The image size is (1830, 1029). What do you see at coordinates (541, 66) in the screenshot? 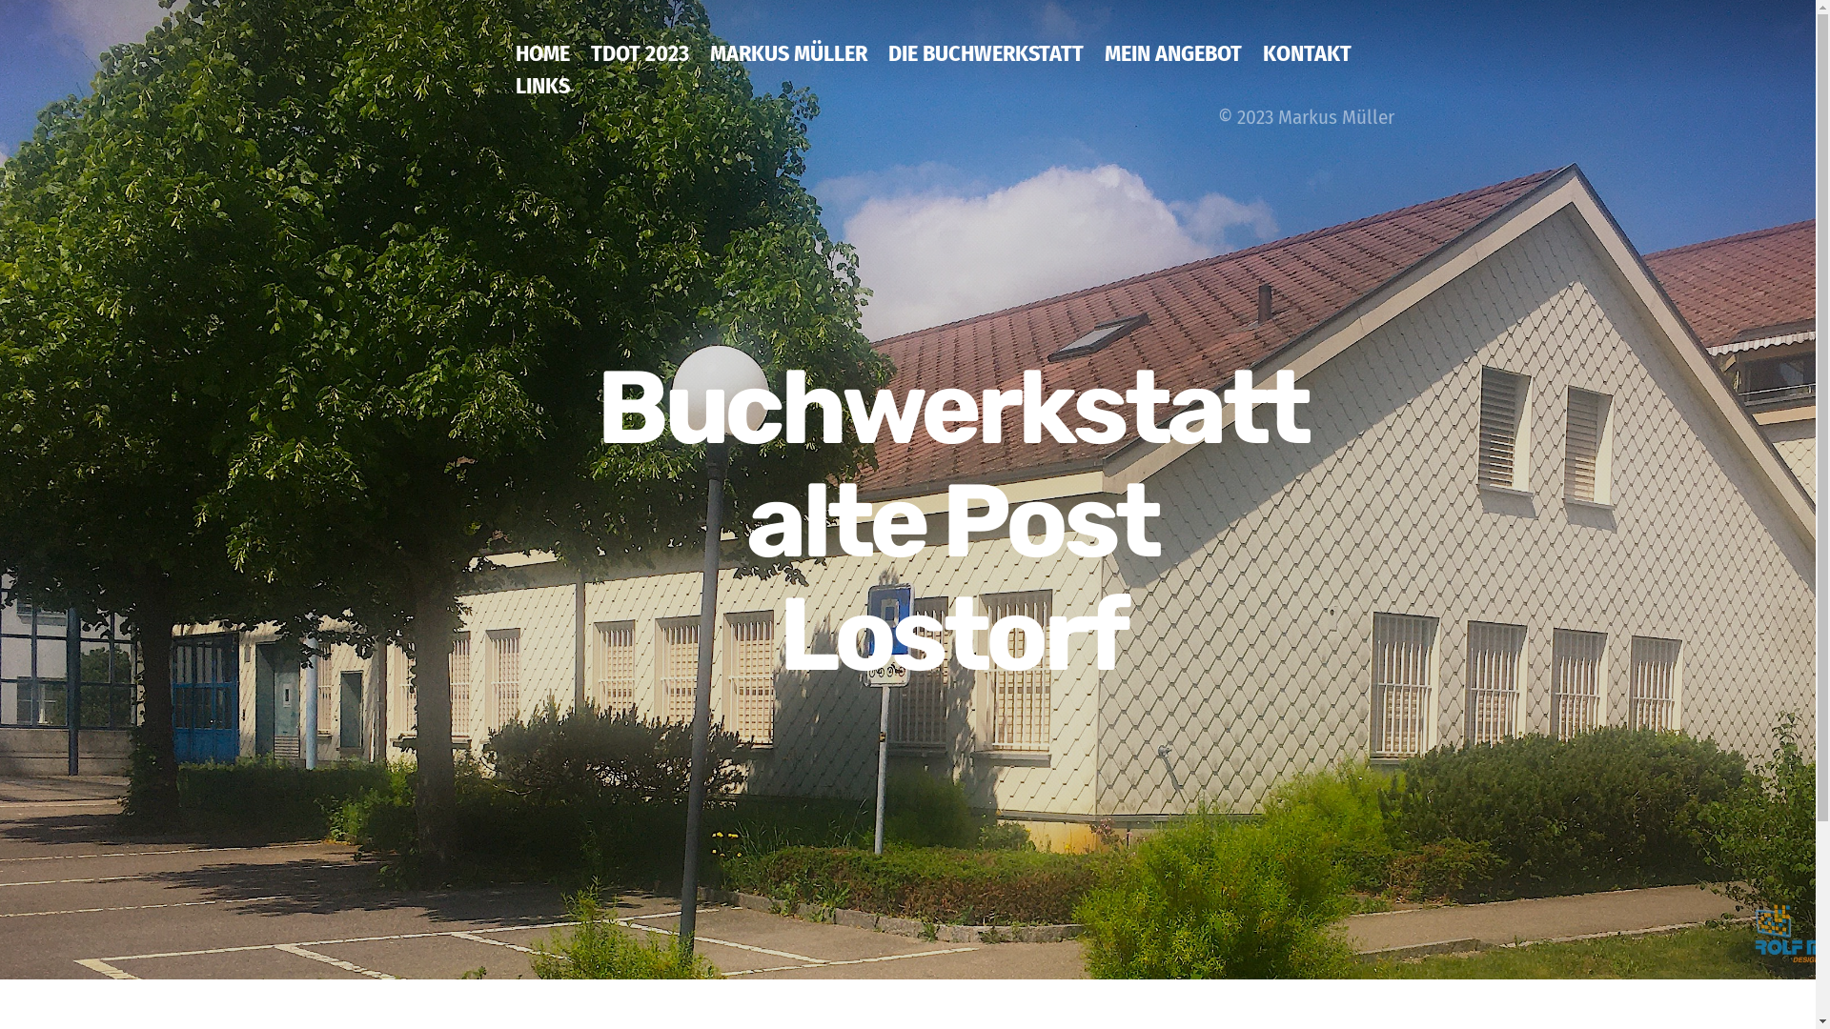
I see `'HOME'` at bounding box center [541, 66].